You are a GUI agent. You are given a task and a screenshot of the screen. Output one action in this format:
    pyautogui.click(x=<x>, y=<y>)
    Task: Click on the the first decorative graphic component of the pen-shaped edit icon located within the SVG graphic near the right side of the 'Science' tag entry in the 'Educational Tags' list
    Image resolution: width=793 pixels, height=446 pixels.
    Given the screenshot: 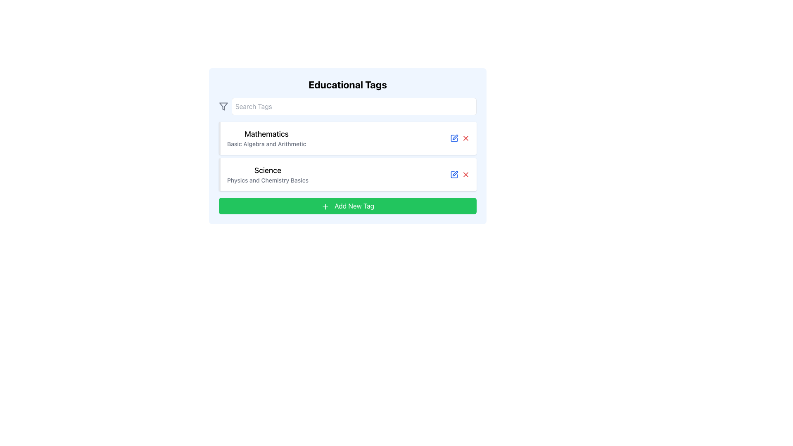 What is the action you would take?
    pyautogui.click(x=453, y=174)
    